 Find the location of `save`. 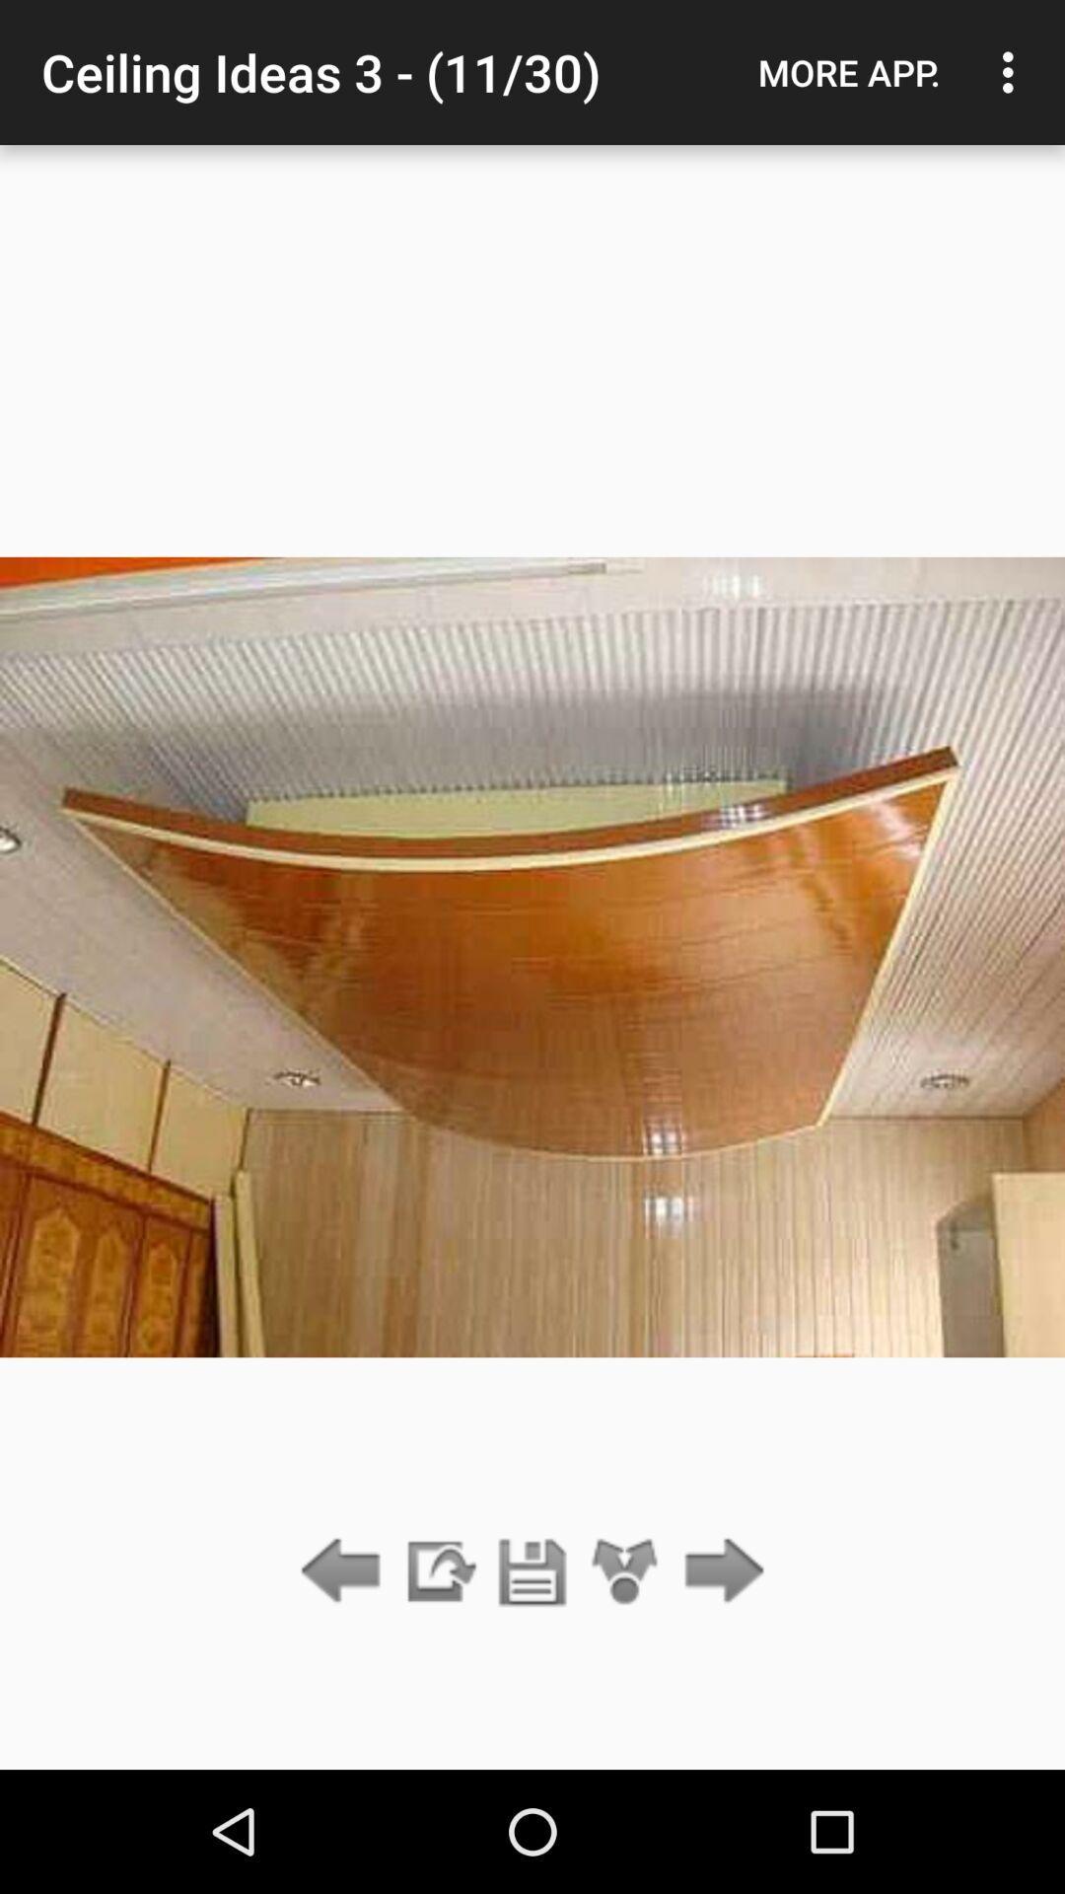

save is located at coordinates (532, 1571).